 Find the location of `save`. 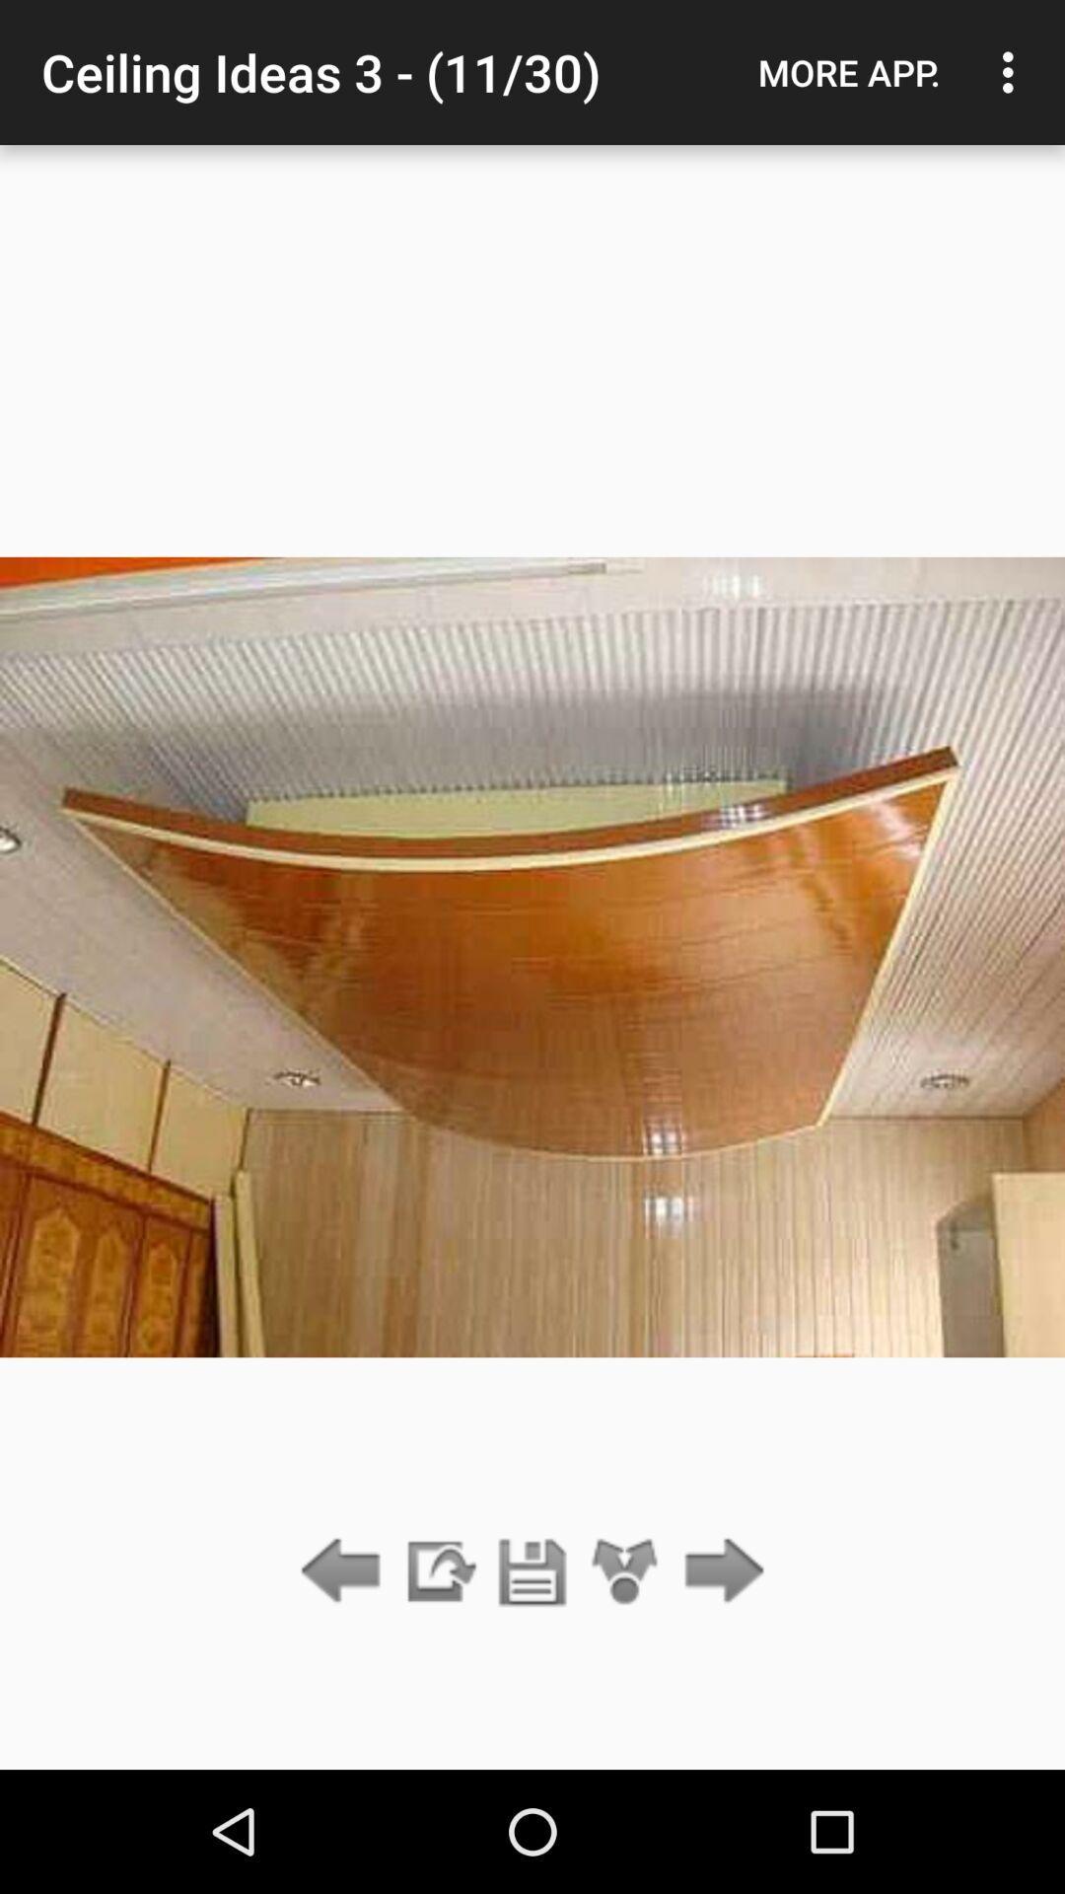

save is located at coordinates (532, 1571).